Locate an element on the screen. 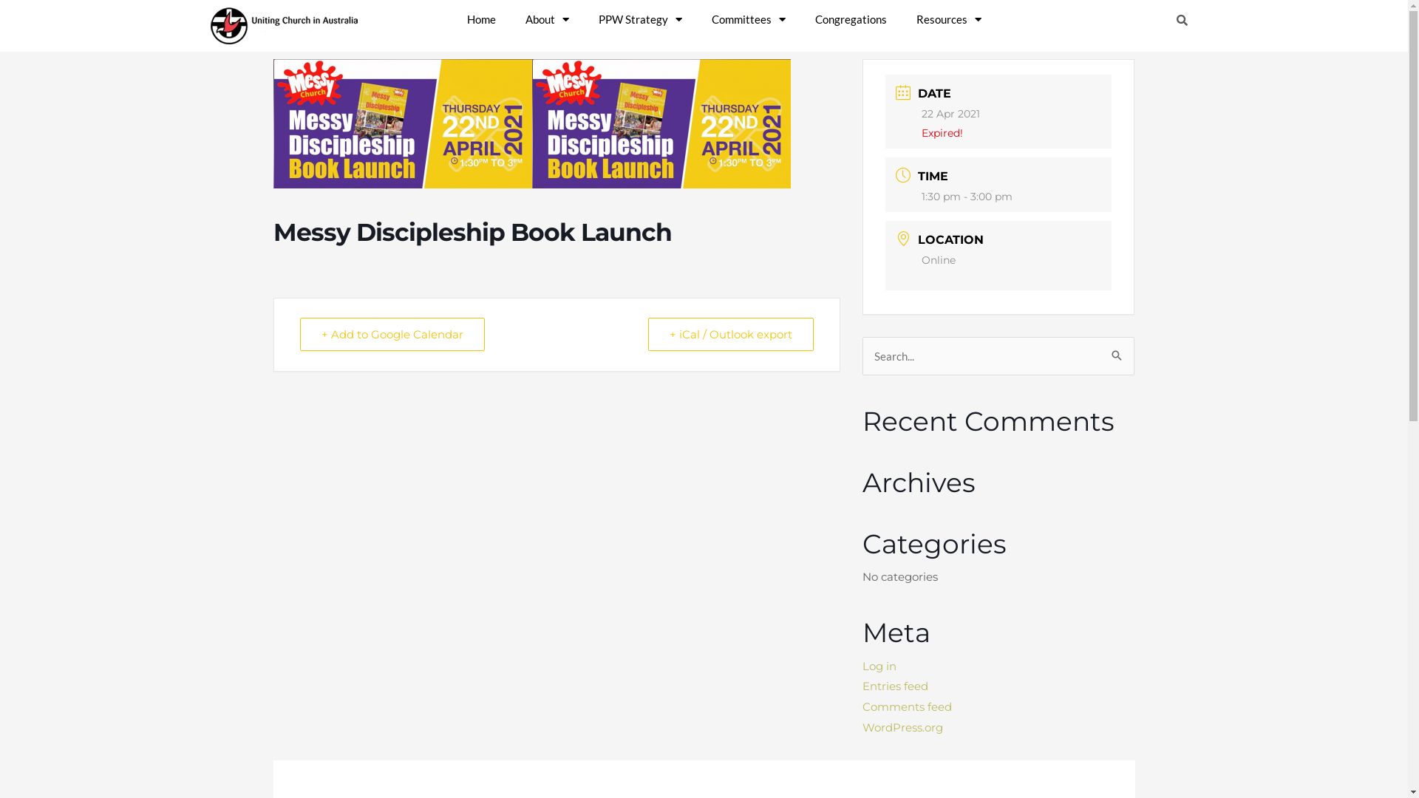 The width and height of the screenshot is (1419, 798). 'WordPress.org' is located at coordinates (902, 726).